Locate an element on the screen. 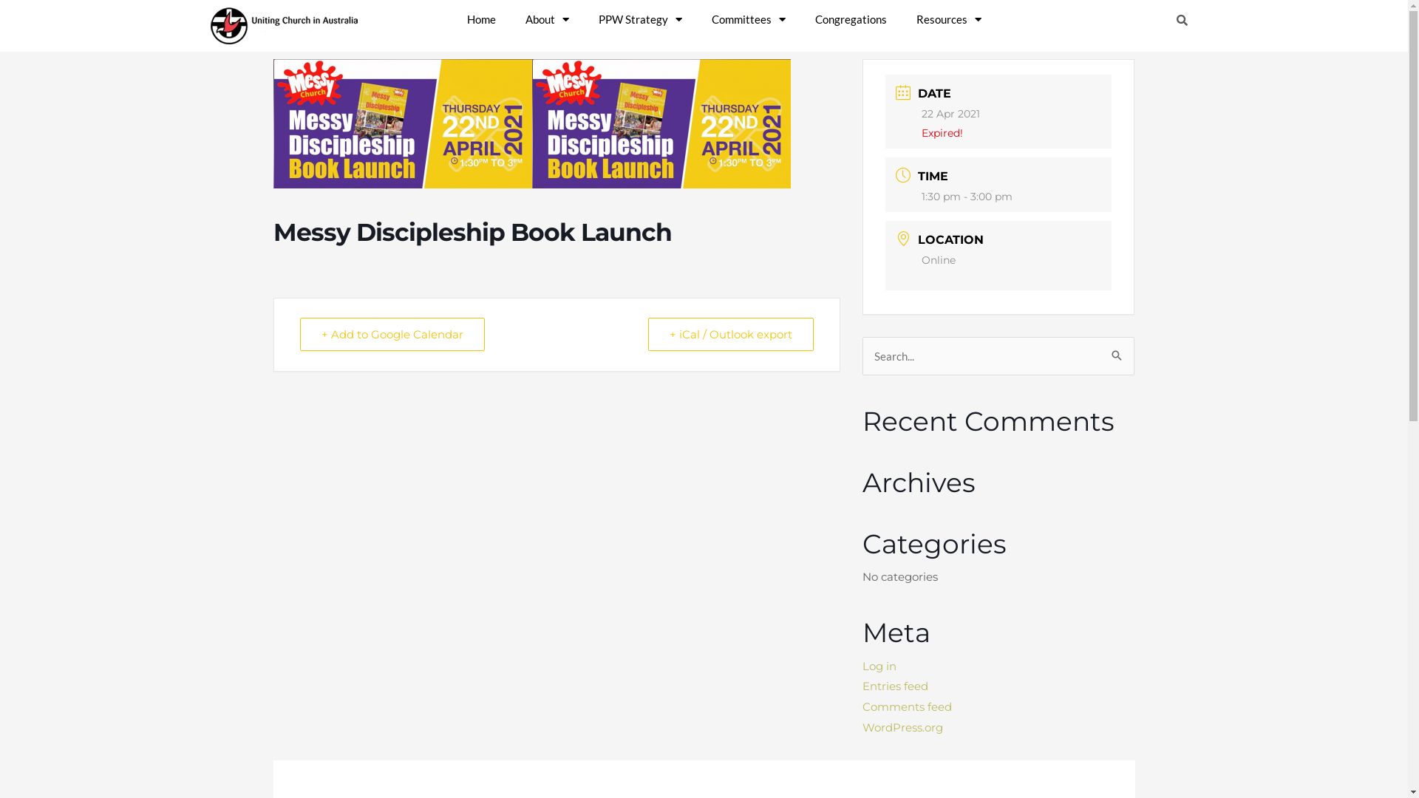 The width and height of the screenshot is (1419, 798). 'WordPress.org' is located at coordinates (902, 726).